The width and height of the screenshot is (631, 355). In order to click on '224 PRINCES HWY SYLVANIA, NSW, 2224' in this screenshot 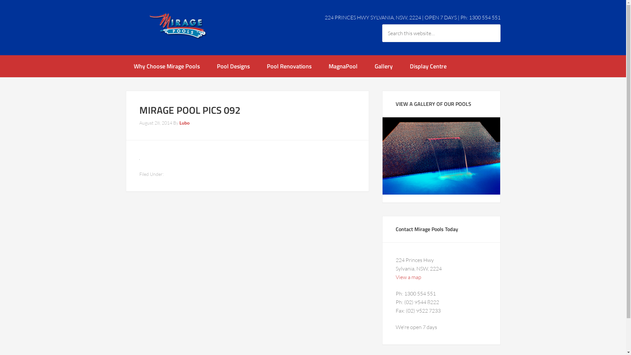, I will do `click(373, 17)`.